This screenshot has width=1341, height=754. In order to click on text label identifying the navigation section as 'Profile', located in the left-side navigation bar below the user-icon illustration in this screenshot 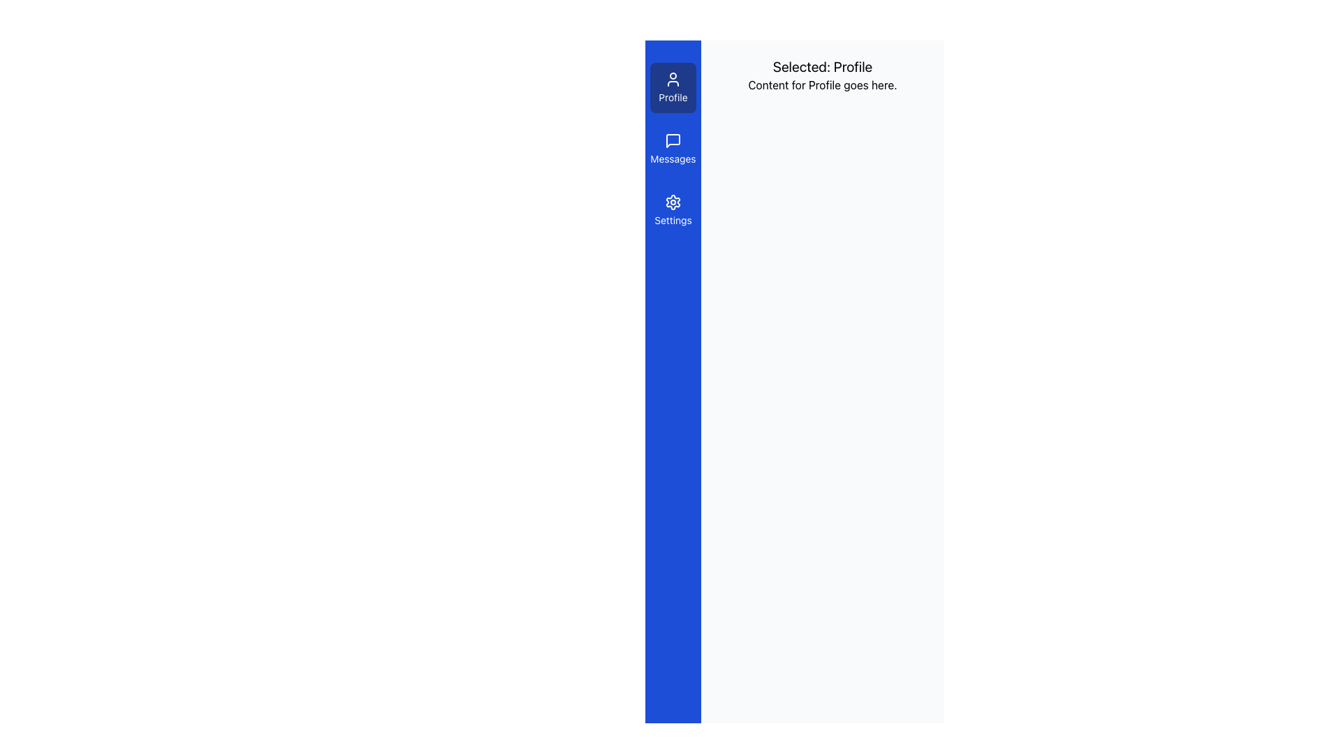, I will do `click(673, 96)`.